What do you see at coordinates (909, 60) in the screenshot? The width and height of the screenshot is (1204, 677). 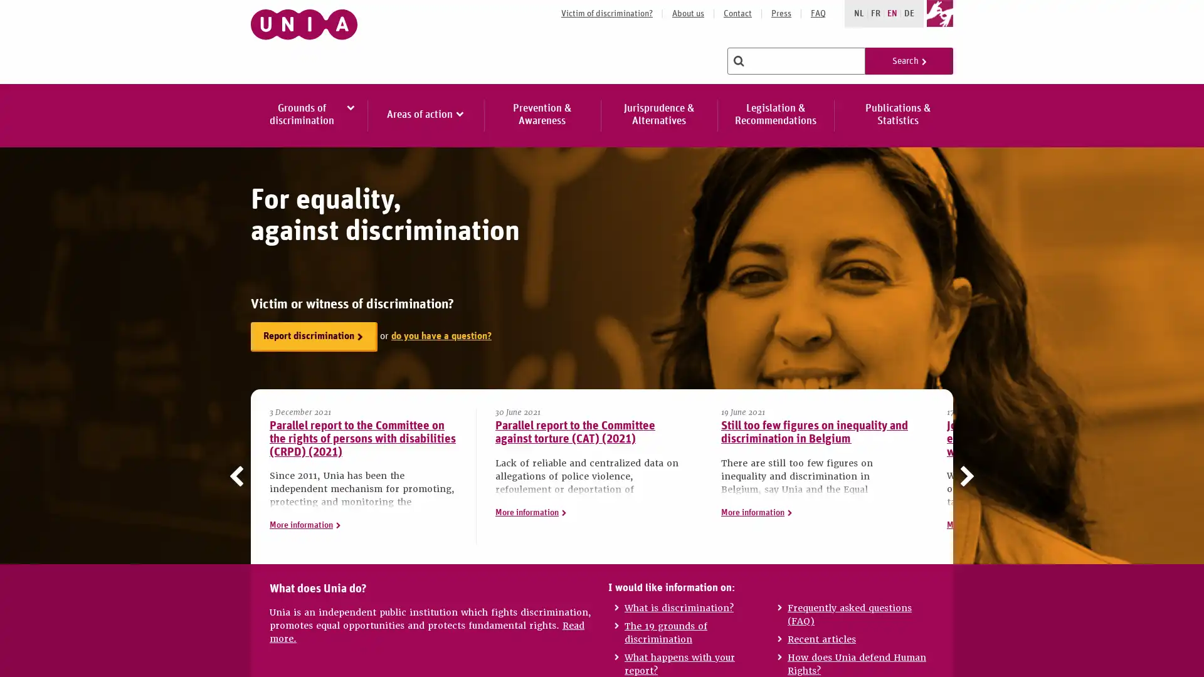 I see `Search` at bounding box center [909, 60].